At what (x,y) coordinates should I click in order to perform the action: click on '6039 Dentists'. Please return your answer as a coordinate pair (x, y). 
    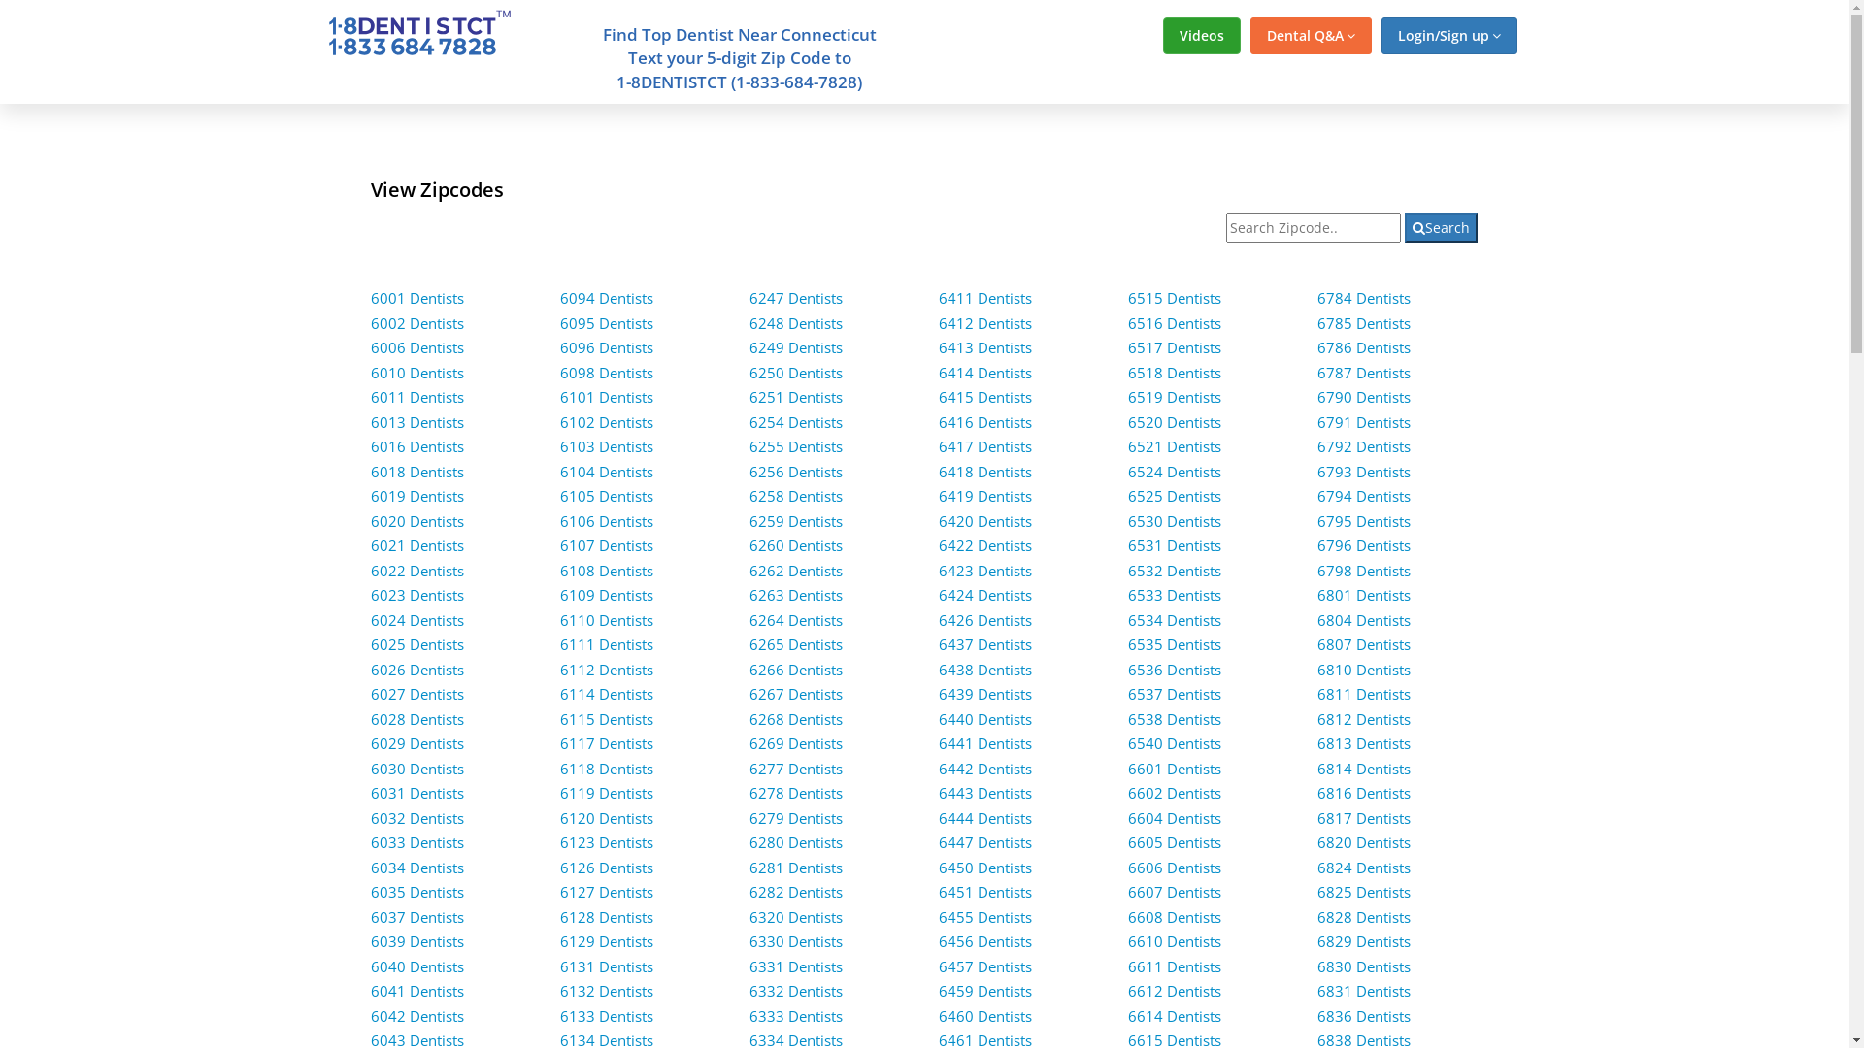
    Looking at the image, I should click on (416, 939).